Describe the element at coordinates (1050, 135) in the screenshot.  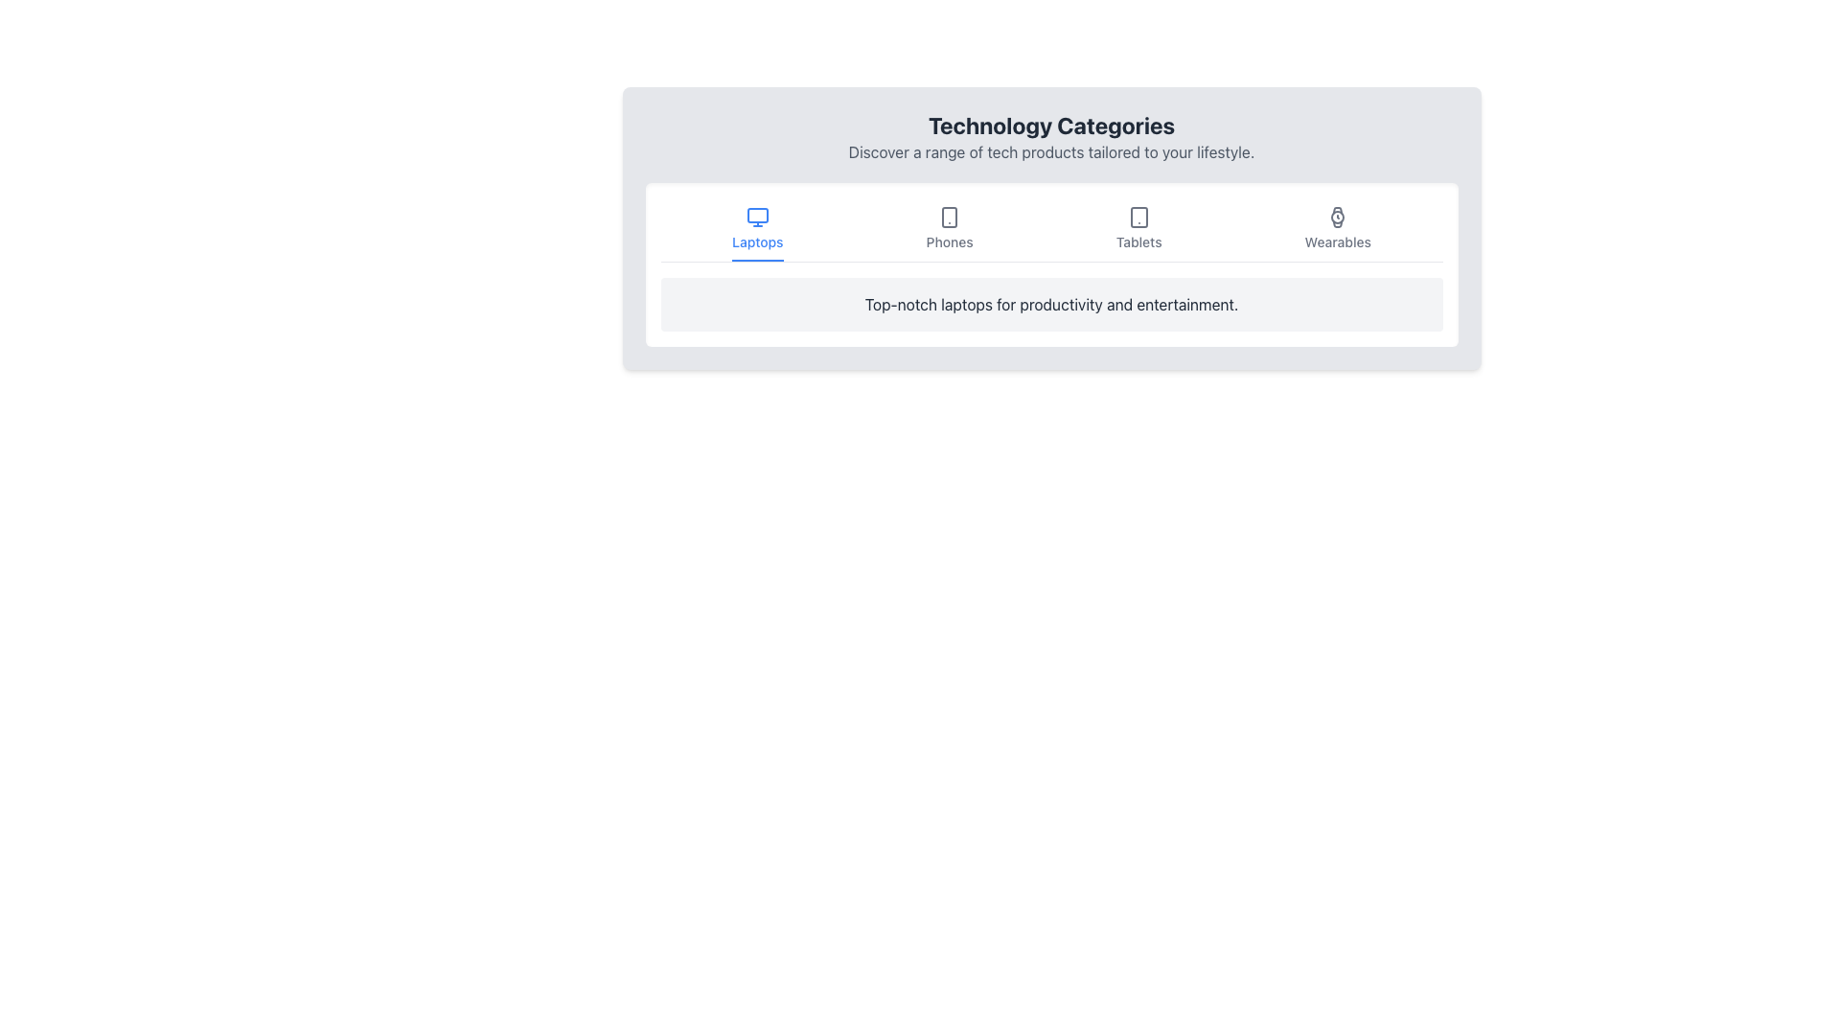
I see `the Header with subheading that introduces the user to the content of the section, located centrally above the interactive icons for product categories` at that location.